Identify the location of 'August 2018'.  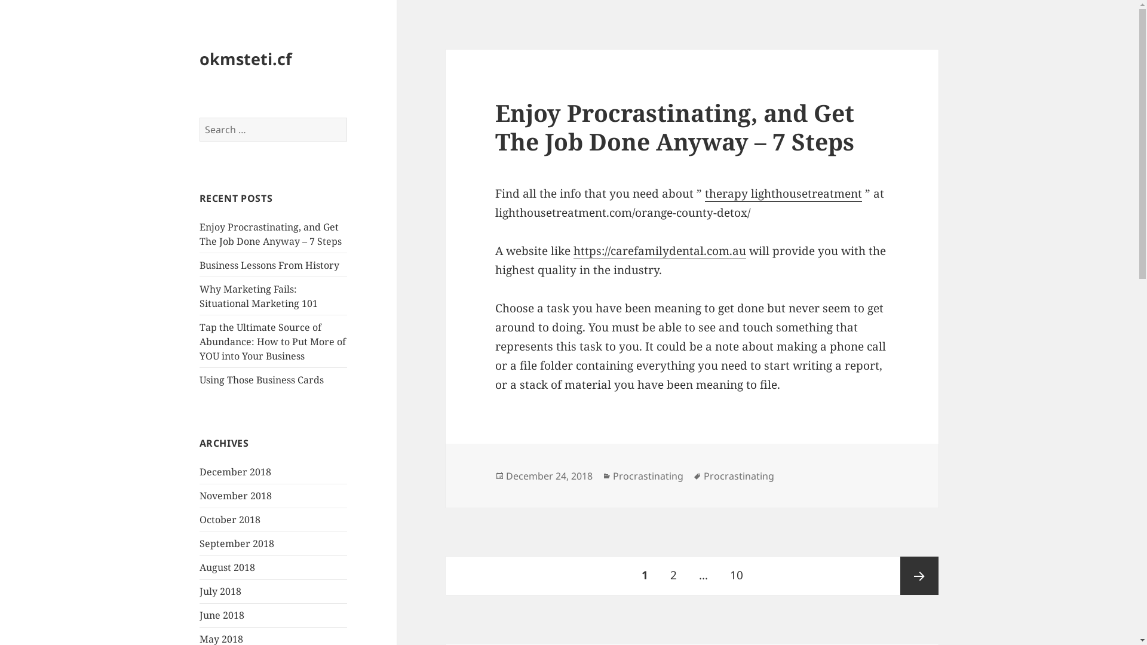
(227, 566).